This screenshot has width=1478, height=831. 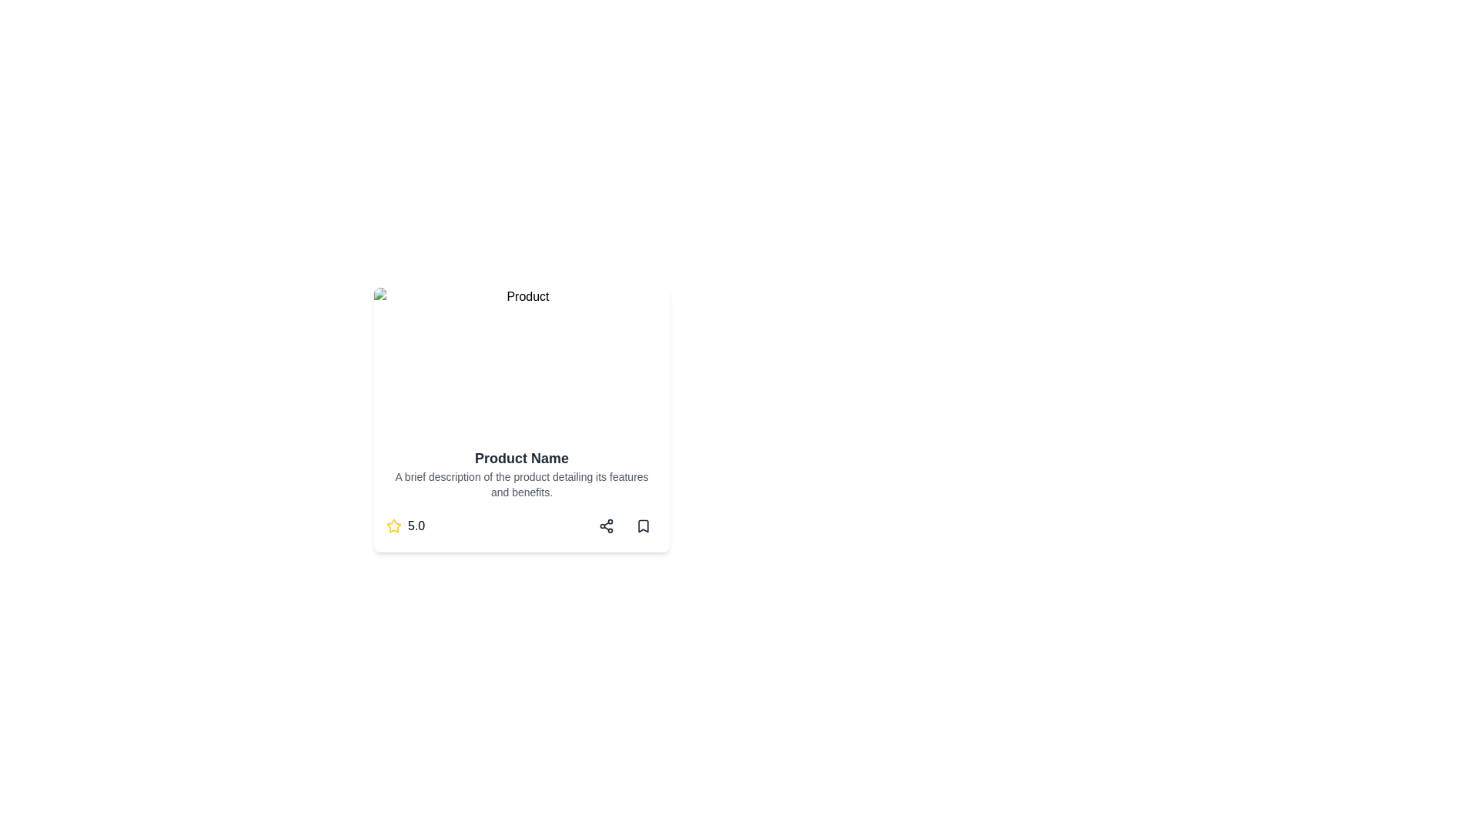 I want to click on the leftmost button in the group of horizontally aligned interactive buttons located at the bottom-right section of the product card layout, which functions as a sharing action button, so click(x=605, y=525).